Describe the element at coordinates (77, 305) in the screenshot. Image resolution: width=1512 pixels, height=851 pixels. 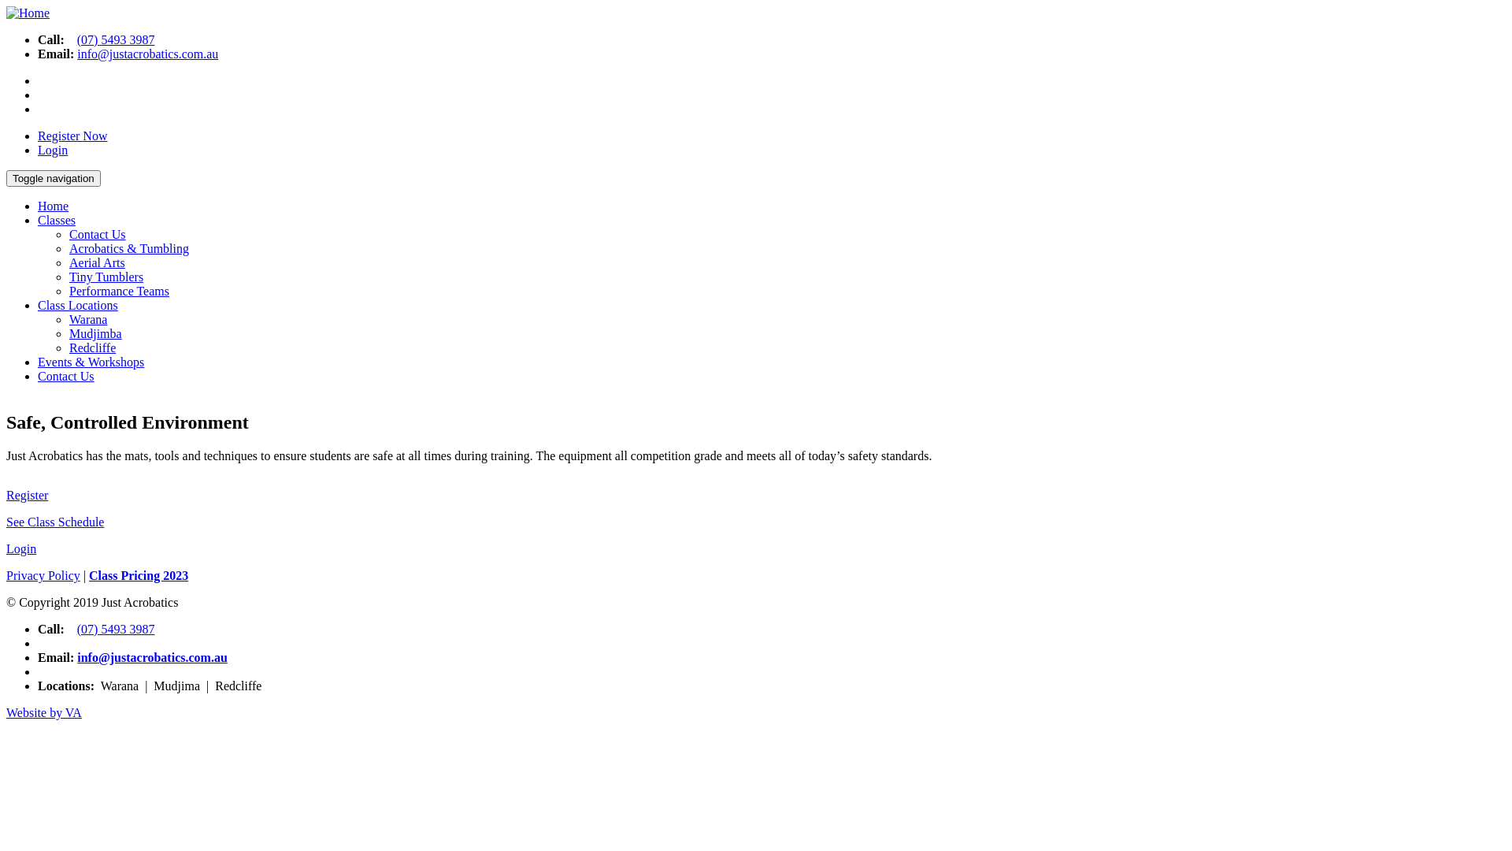
I see `'Class Locations'` at that location.